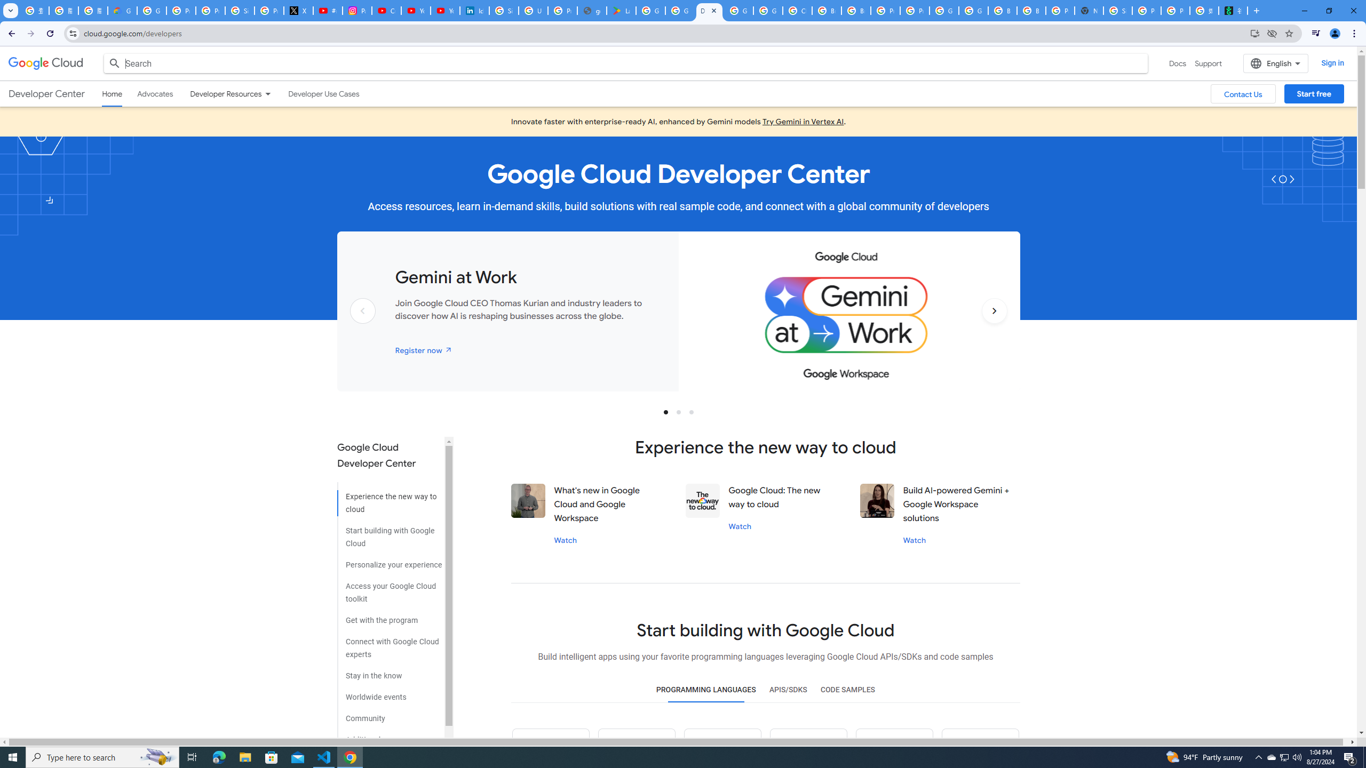 This screenshot has width=1366, height=768. What do you see at coordinates (1254, 33) in the screenshot?
I see `'Install Google Cloud'` at bounding box center [1254, 33].